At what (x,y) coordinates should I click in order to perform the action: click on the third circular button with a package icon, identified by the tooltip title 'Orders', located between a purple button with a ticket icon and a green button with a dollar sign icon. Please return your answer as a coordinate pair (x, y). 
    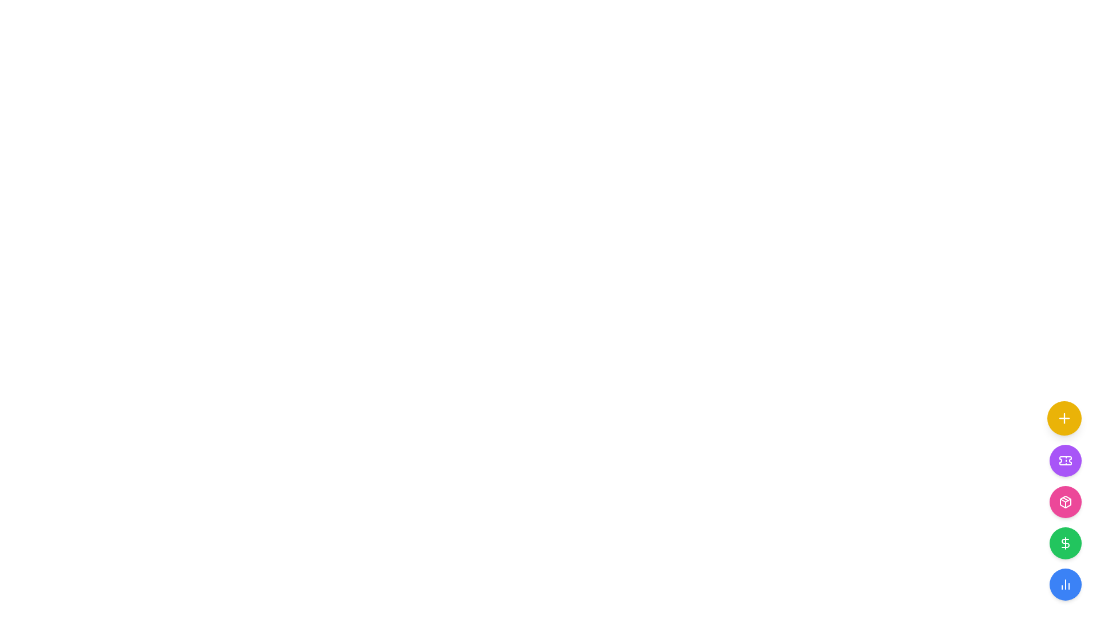
    Looking at the image, I should click on (1065, 501).